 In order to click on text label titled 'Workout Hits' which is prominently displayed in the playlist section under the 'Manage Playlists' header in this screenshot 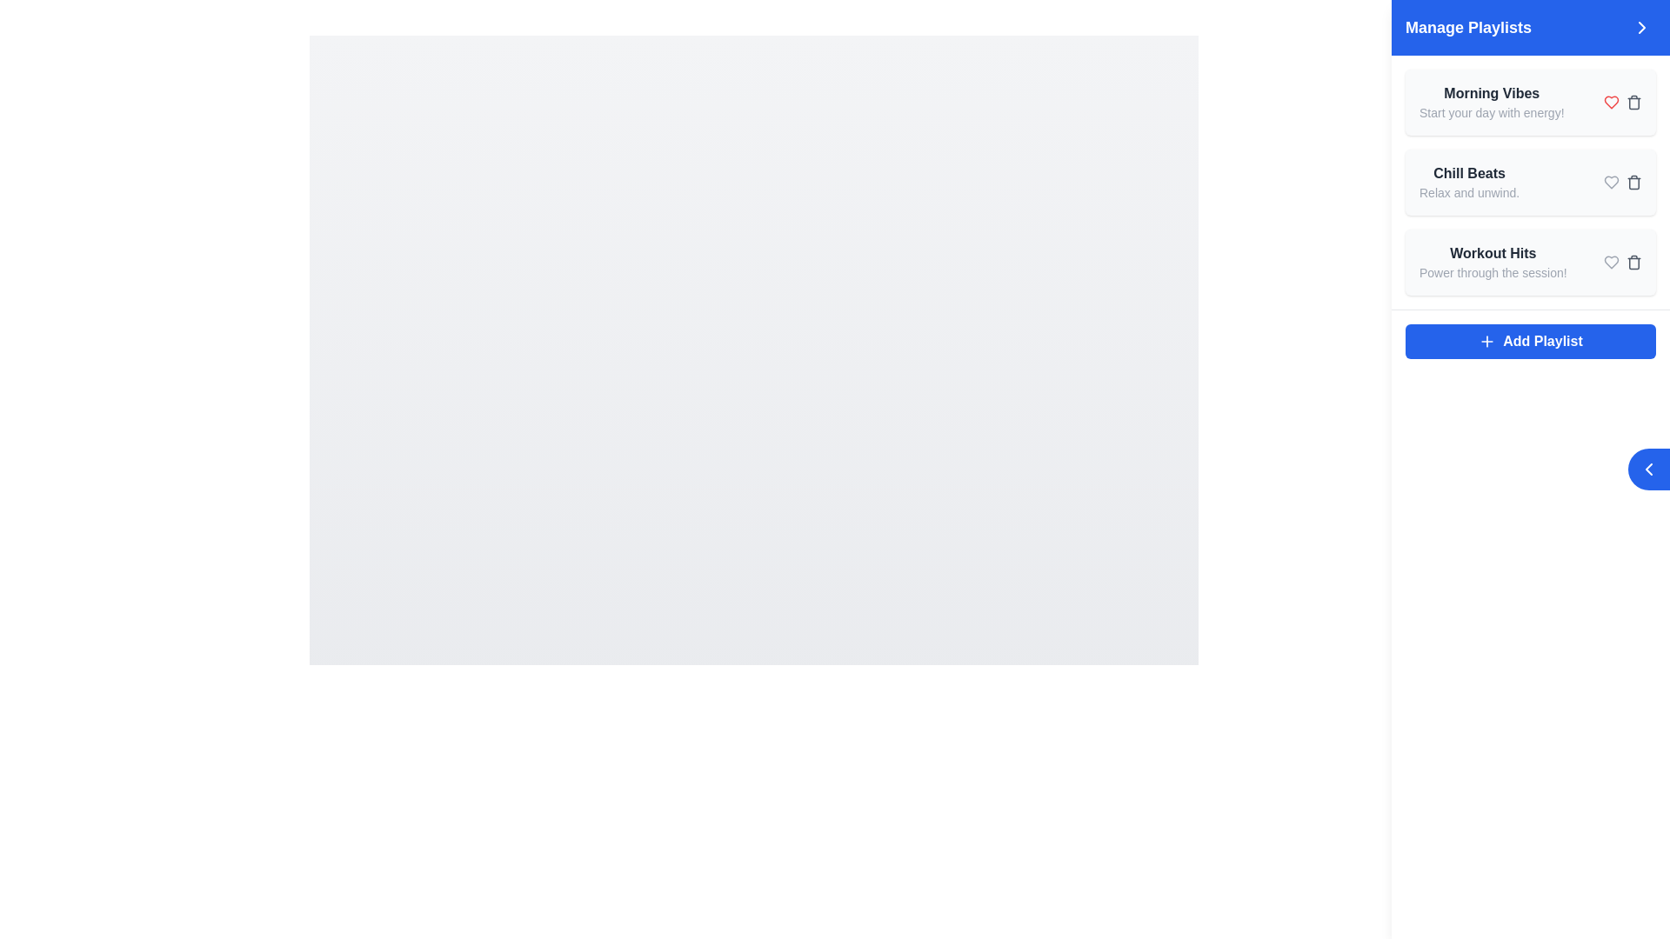, I will do `click(1492, 254)`.